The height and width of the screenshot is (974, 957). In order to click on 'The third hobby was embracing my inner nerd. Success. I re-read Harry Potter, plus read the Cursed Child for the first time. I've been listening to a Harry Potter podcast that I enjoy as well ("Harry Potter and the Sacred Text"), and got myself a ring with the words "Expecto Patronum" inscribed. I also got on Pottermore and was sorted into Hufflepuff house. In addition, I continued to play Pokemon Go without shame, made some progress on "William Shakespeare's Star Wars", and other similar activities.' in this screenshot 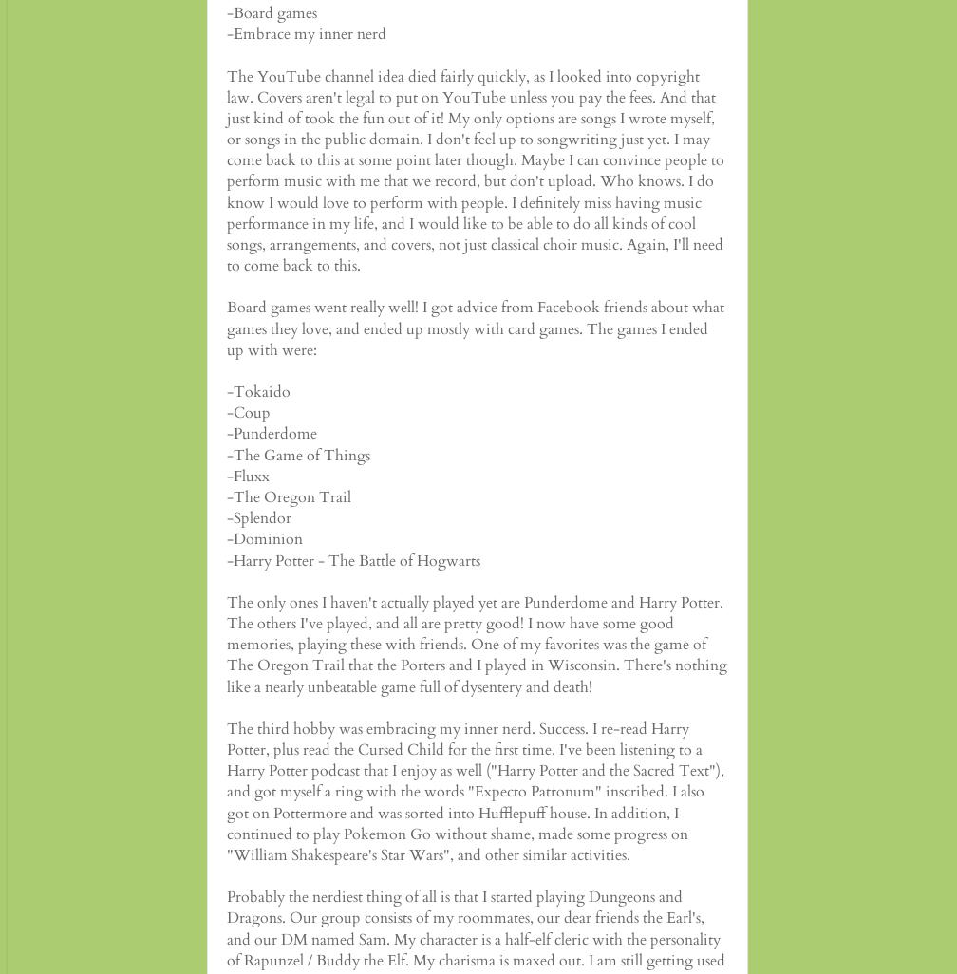, I will do `click(475, 791)`.